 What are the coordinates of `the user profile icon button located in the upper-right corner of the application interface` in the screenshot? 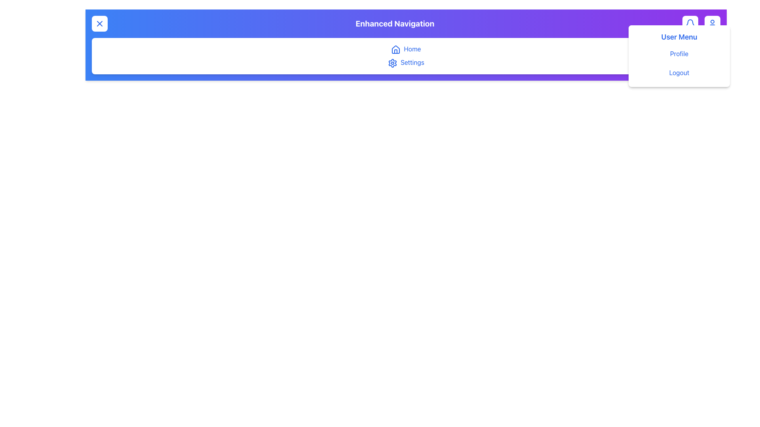 It's located at (712, 23).